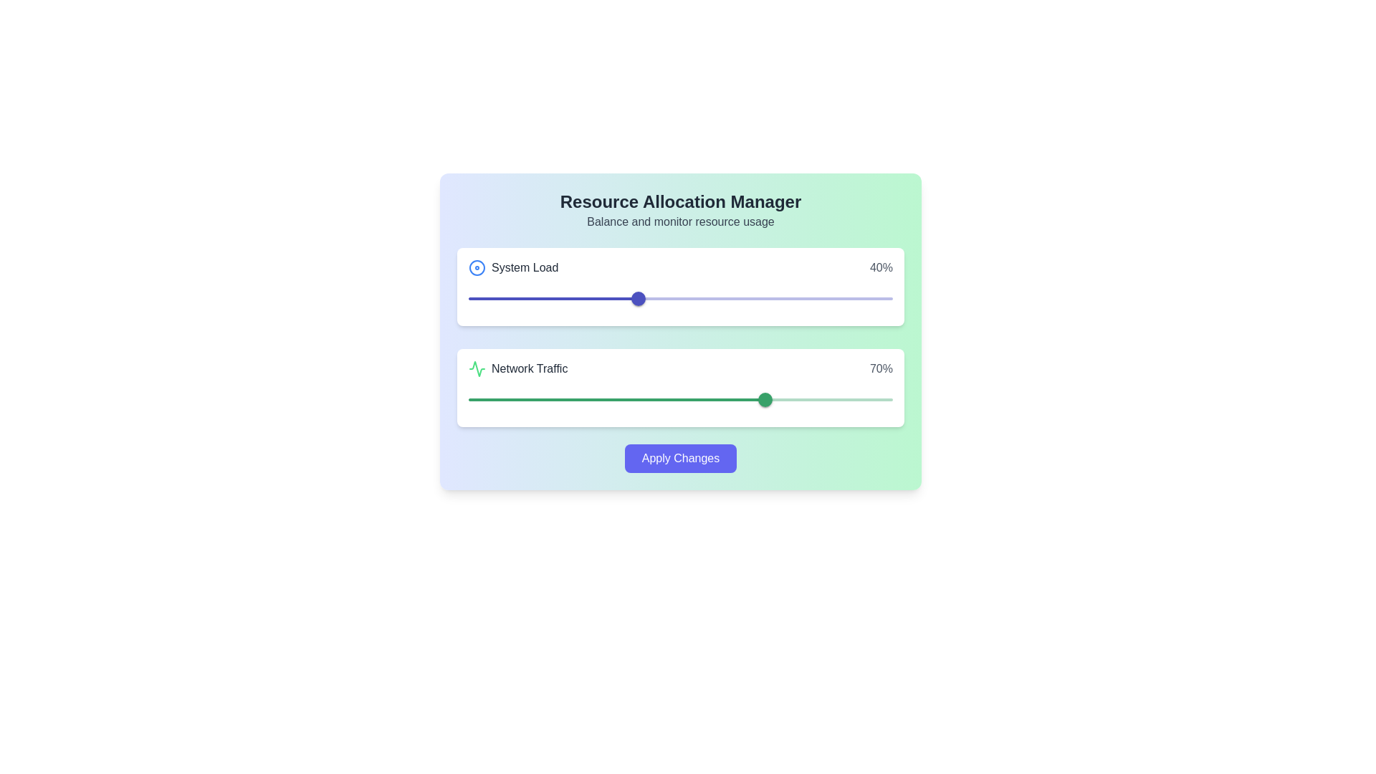 This screenshot has width=1376, height=774. What do you see at coordinates (704, 400) in the screenshot?
I see `the slider` at bounding box center [704, 400].